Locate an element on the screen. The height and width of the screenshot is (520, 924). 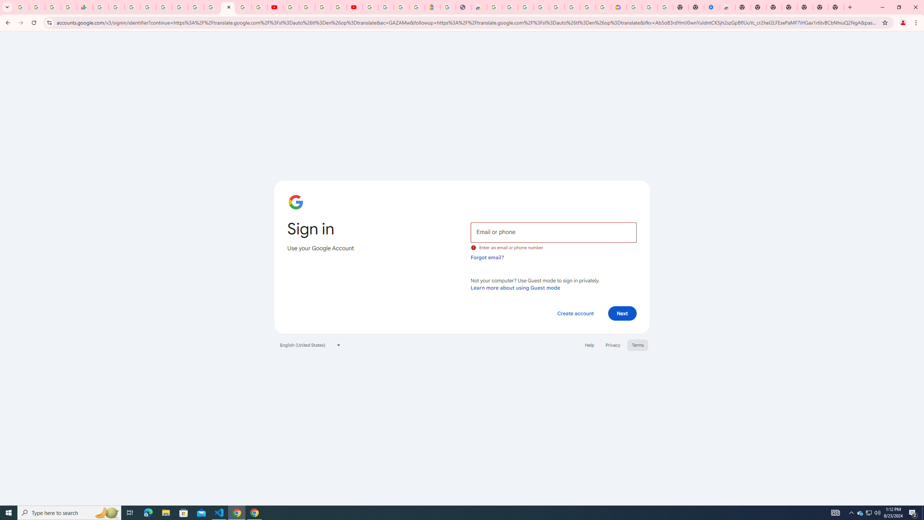
'Turn cookies on or off - Computer - Google Account Help' is located at coordinates (665, 7).